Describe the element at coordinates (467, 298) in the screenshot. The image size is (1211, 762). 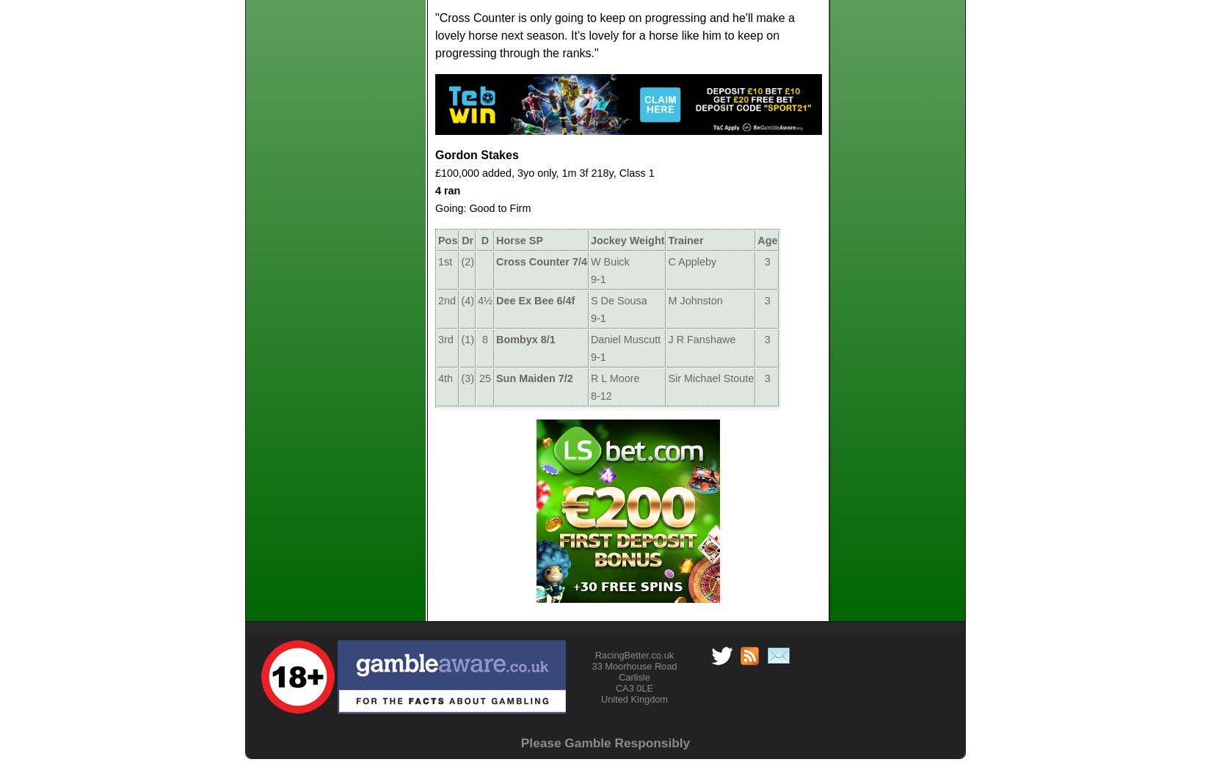
I see `'(4)'` at that location.